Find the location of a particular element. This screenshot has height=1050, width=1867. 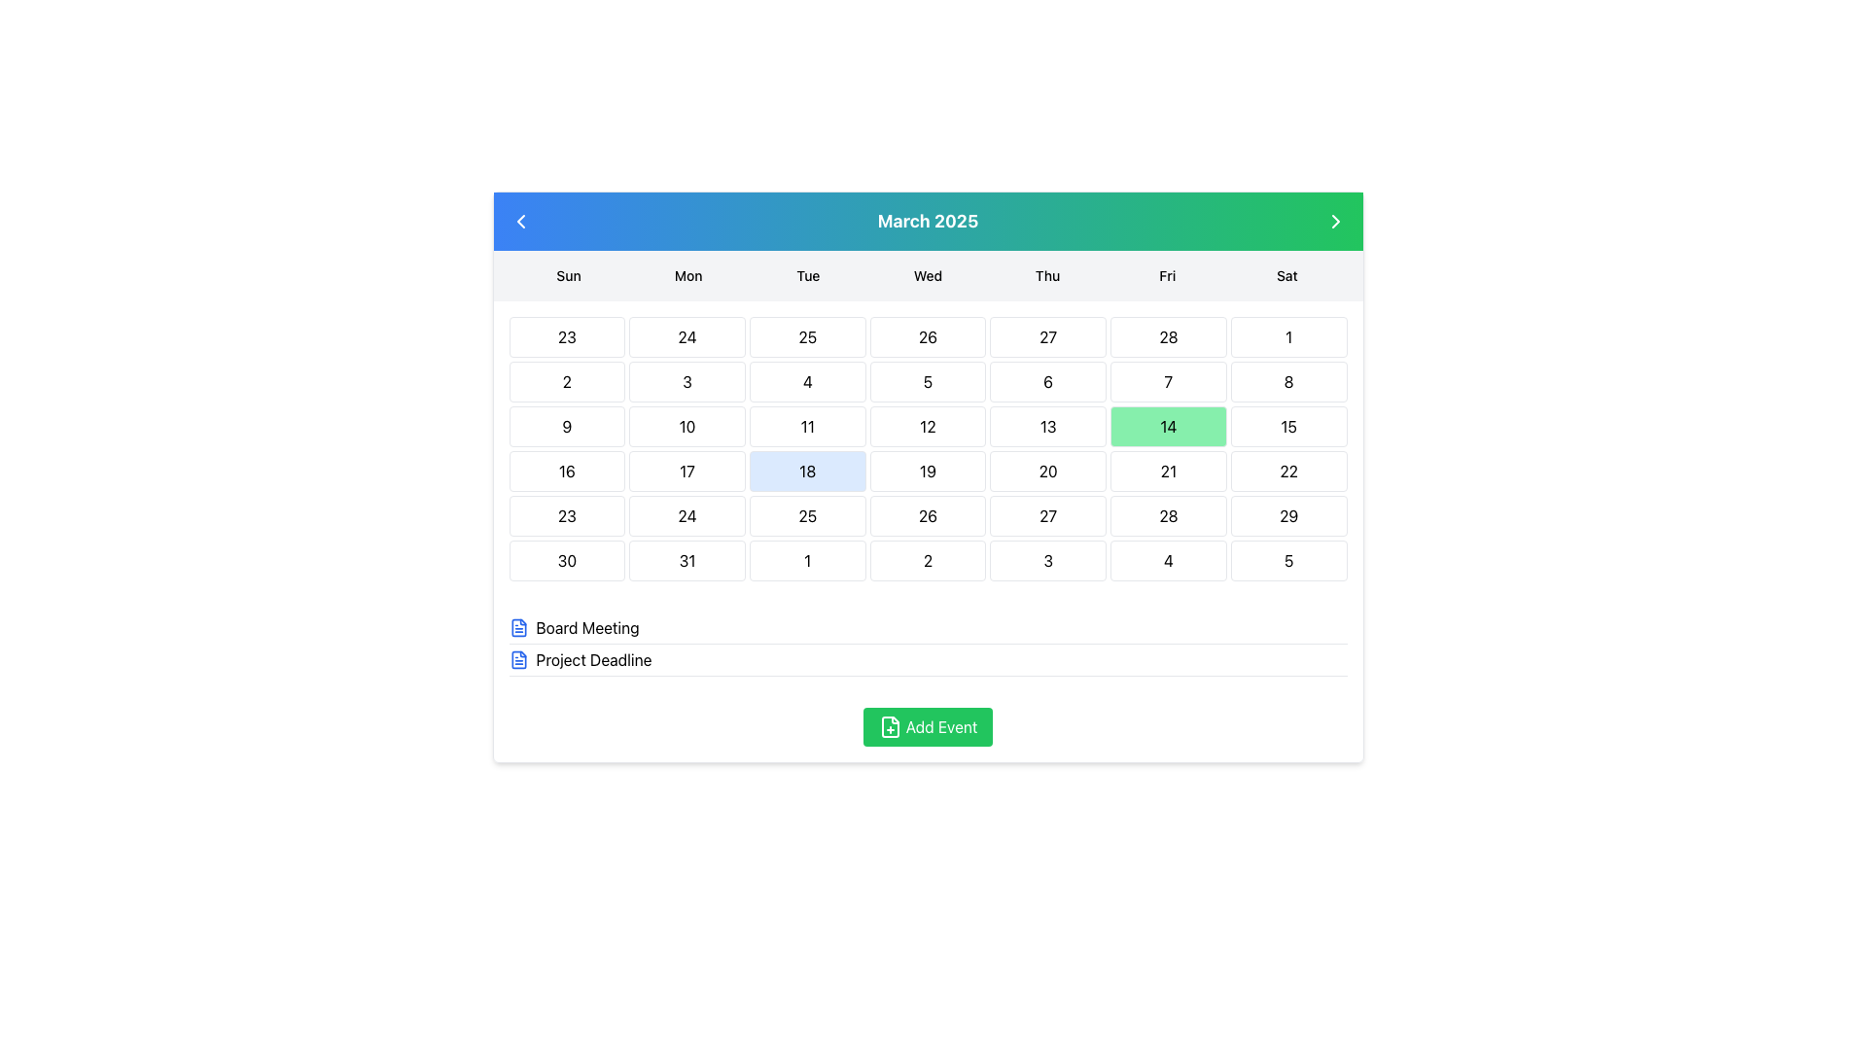

the interactive calendar cell representing the date '3' is located at coordinates (1047, 561).